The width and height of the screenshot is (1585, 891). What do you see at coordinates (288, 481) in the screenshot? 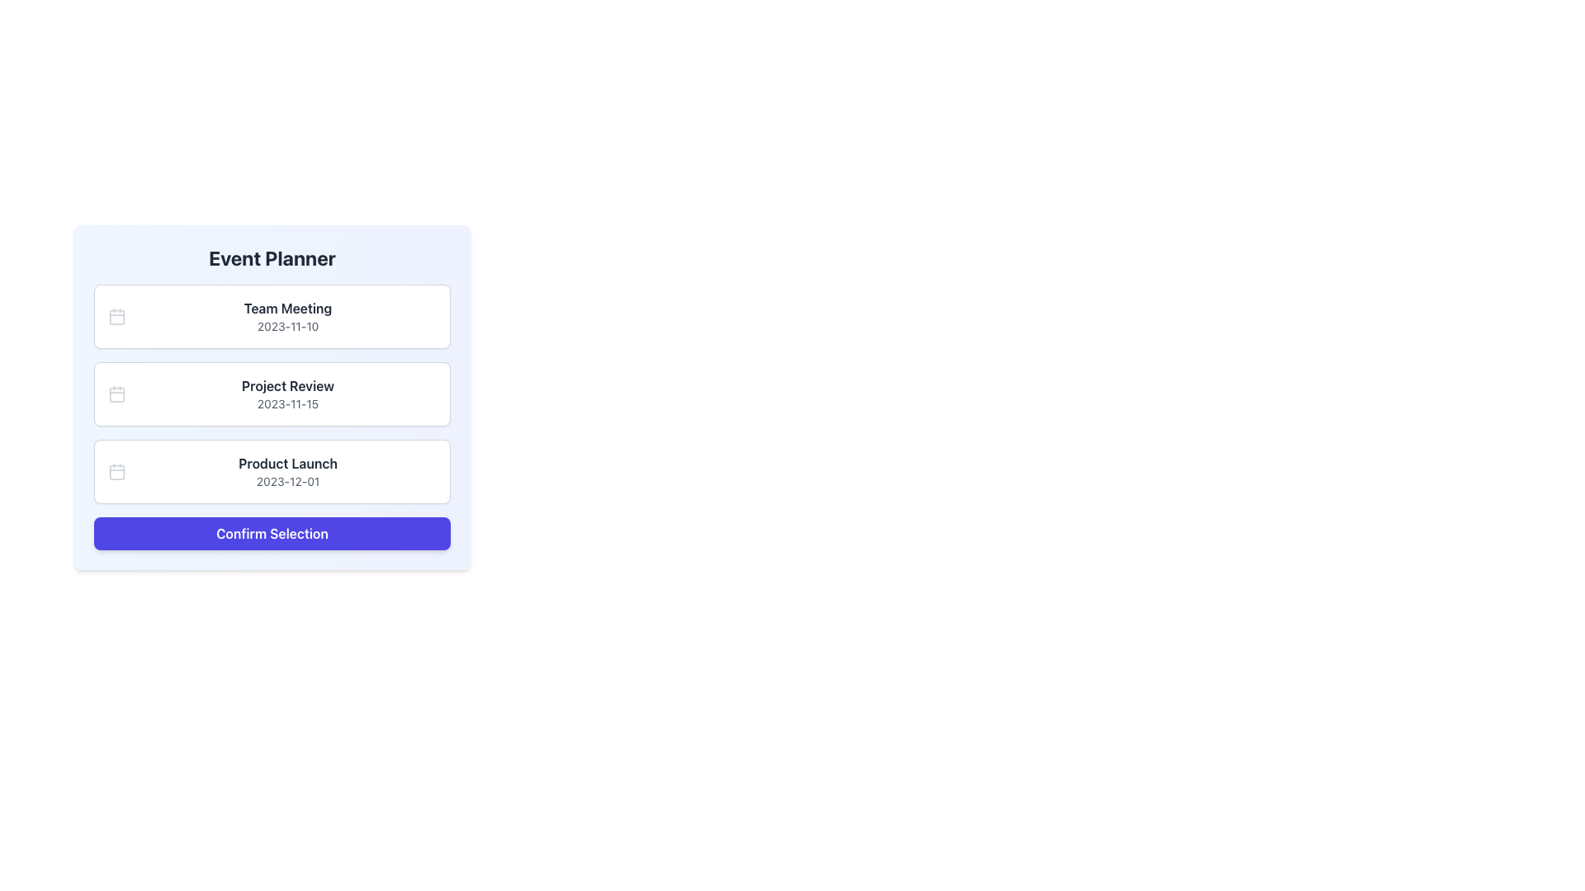
I see `the Text label that displays the date for the 'Product Launch' event, which is positioned directly under the 'Product Launch' title in the event planner interface` at bounding box center [288, 481].